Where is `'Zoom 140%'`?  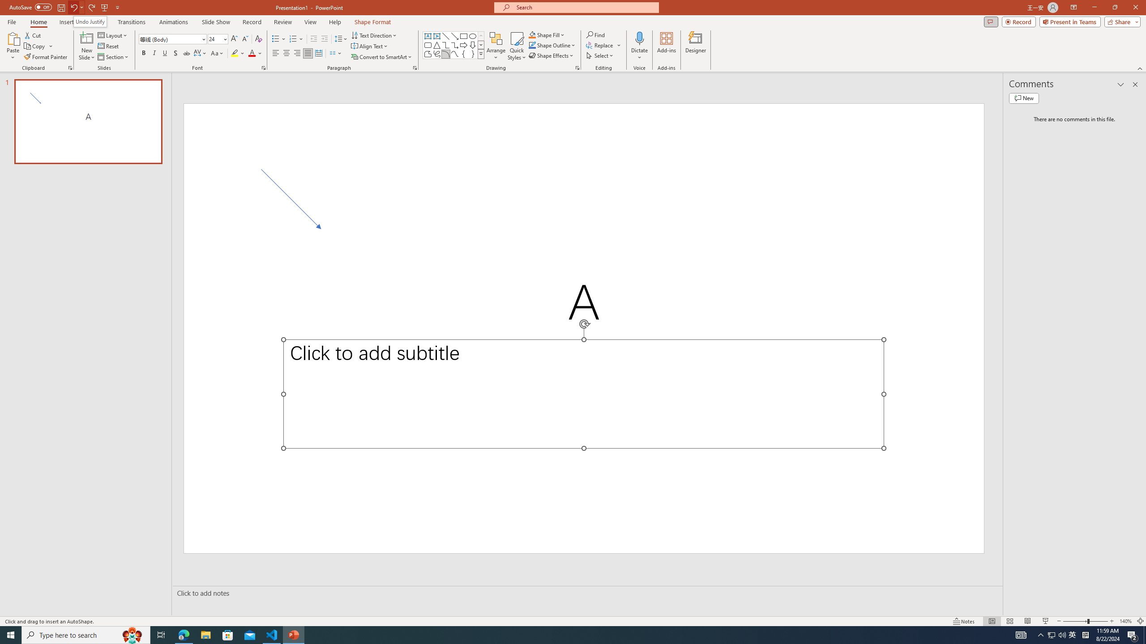 'Zoom 140%' is located at coordinates (1126, 621).